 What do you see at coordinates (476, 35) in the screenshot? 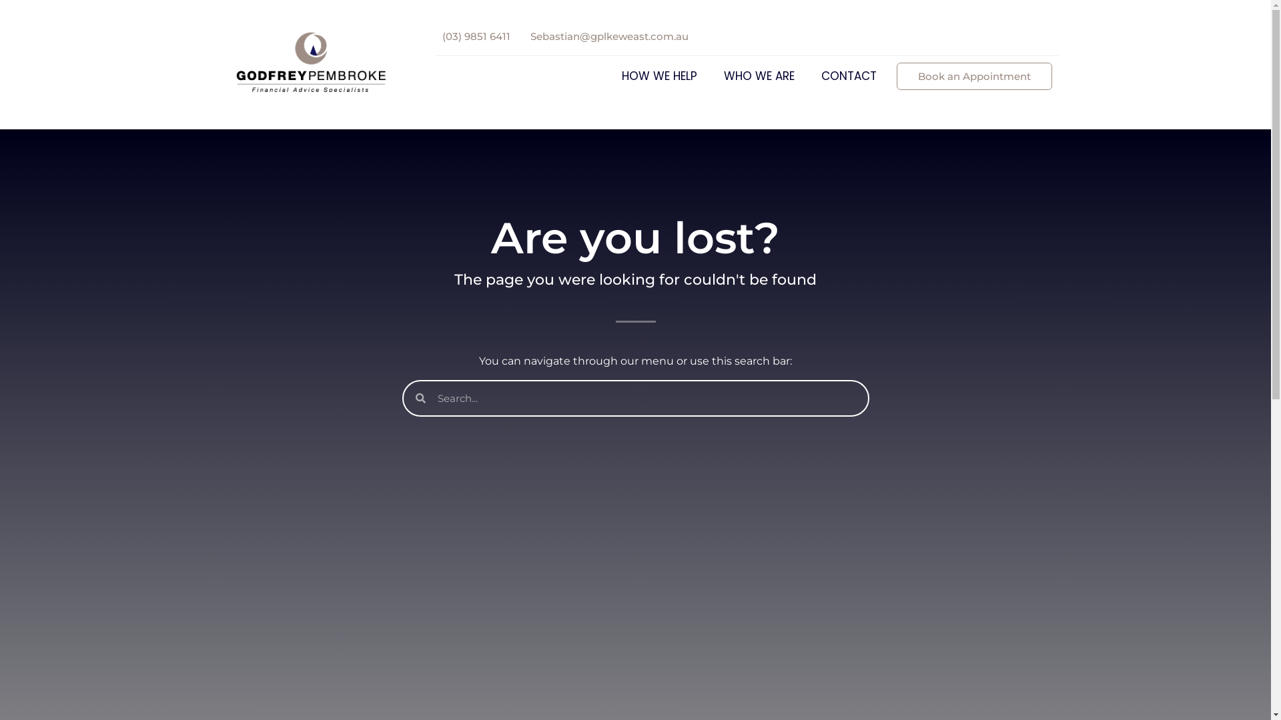
I see `'(03) 9851 6411'` at bounding box center [476, 35].